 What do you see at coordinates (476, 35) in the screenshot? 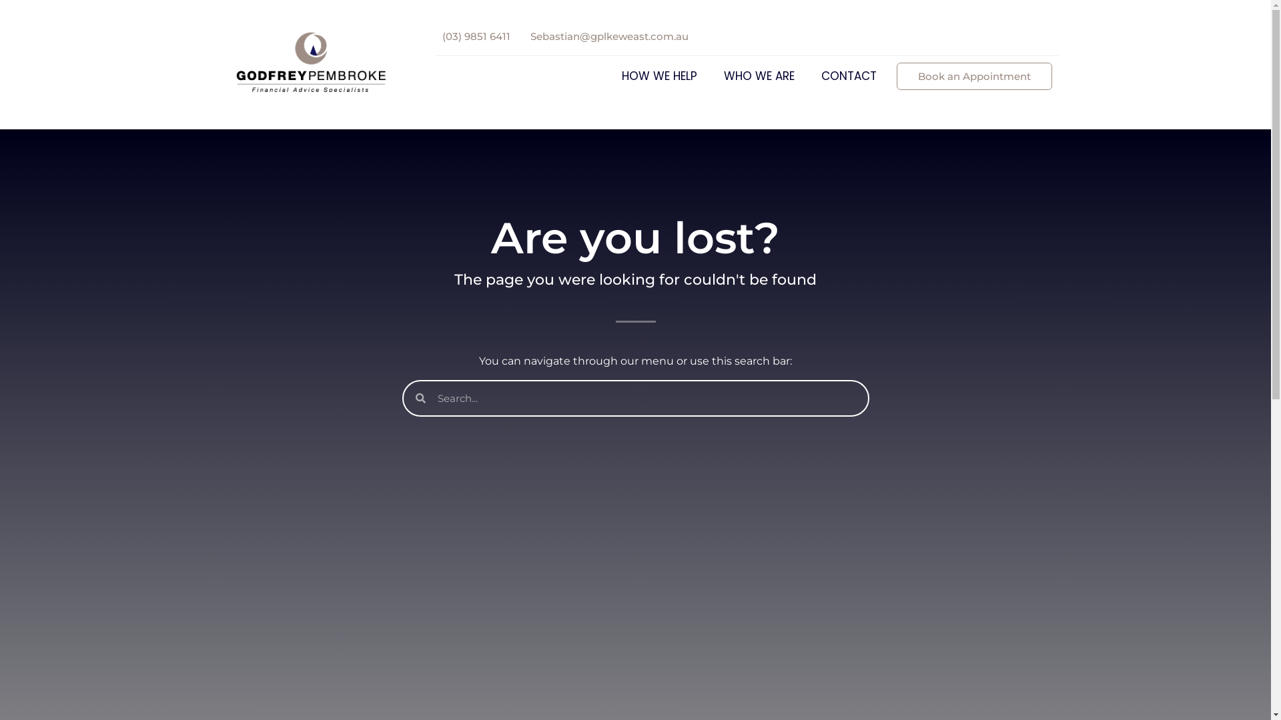
I see `'(03) 9851 6411'` at bounding box center [476, 35].